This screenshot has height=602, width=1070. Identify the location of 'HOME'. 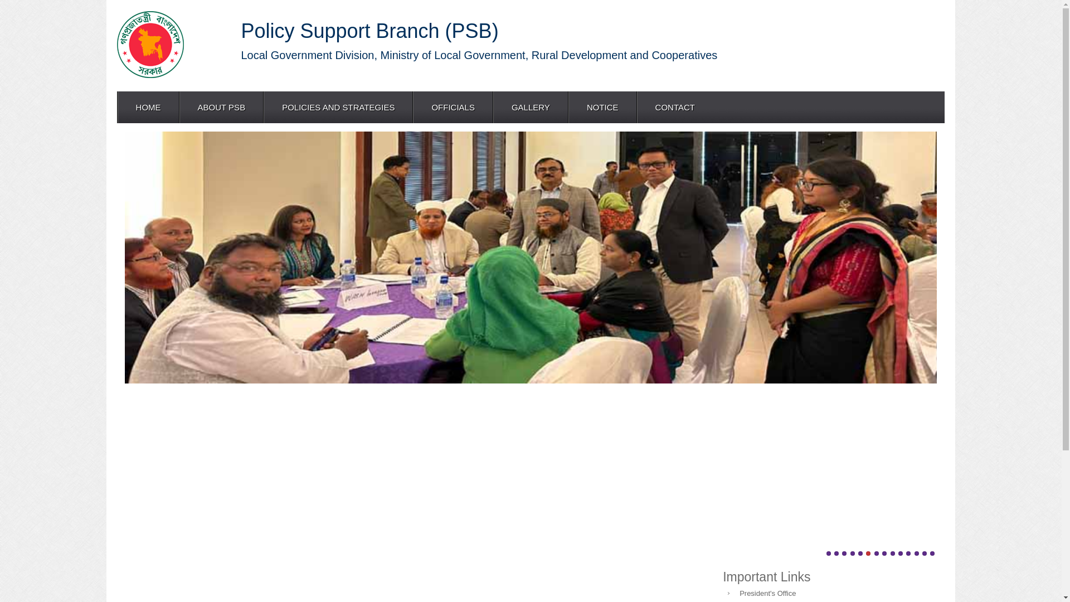
(147, 107).